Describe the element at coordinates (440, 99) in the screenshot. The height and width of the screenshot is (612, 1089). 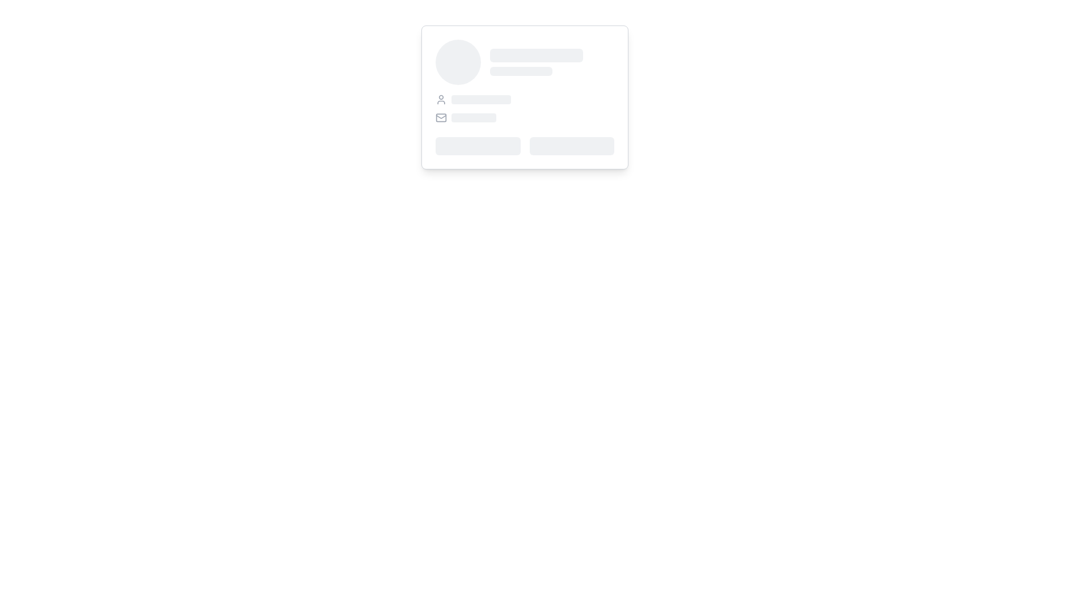
I see `the user profile icon located at the top-left corner of the interface, which is the first element in a horizontal layout group` at that location.